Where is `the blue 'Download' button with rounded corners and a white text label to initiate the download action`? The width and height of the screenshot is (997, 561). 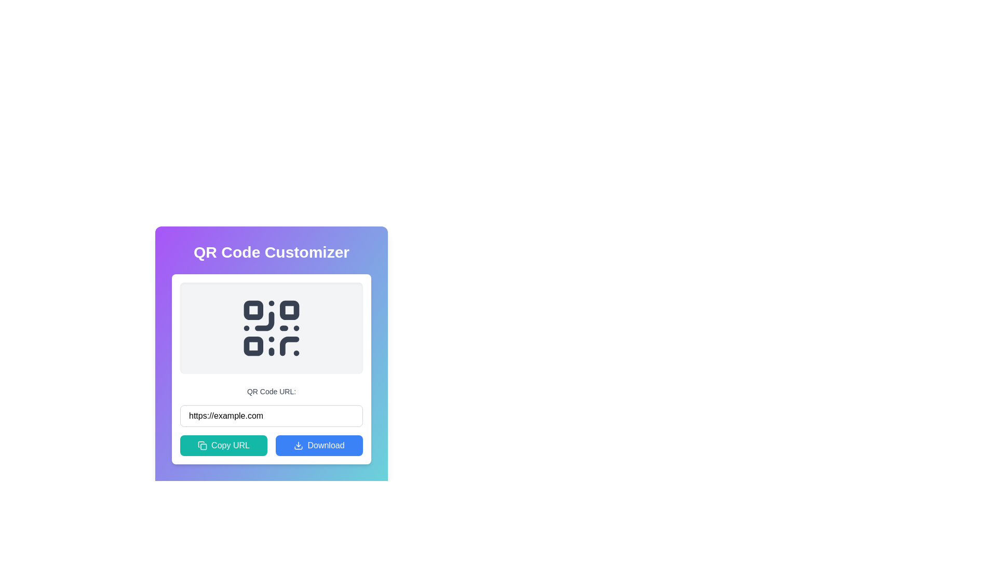 the blue 'Download' button with rounded corners and a white text label to initiate the download action is located at coordinates (318, 445).